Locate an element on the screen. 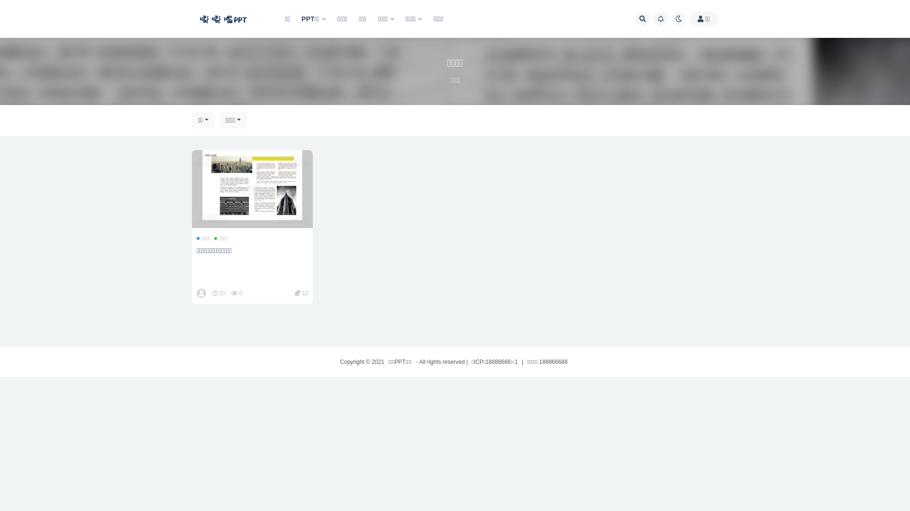  'dudz' is located at coordinates (201, 293).